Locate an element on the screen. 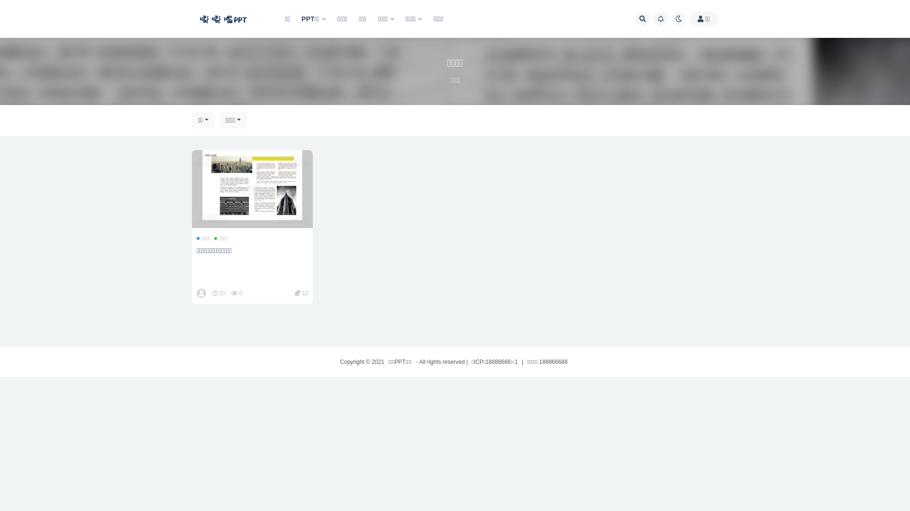  'dudz' is located at coordinates (201, 293).